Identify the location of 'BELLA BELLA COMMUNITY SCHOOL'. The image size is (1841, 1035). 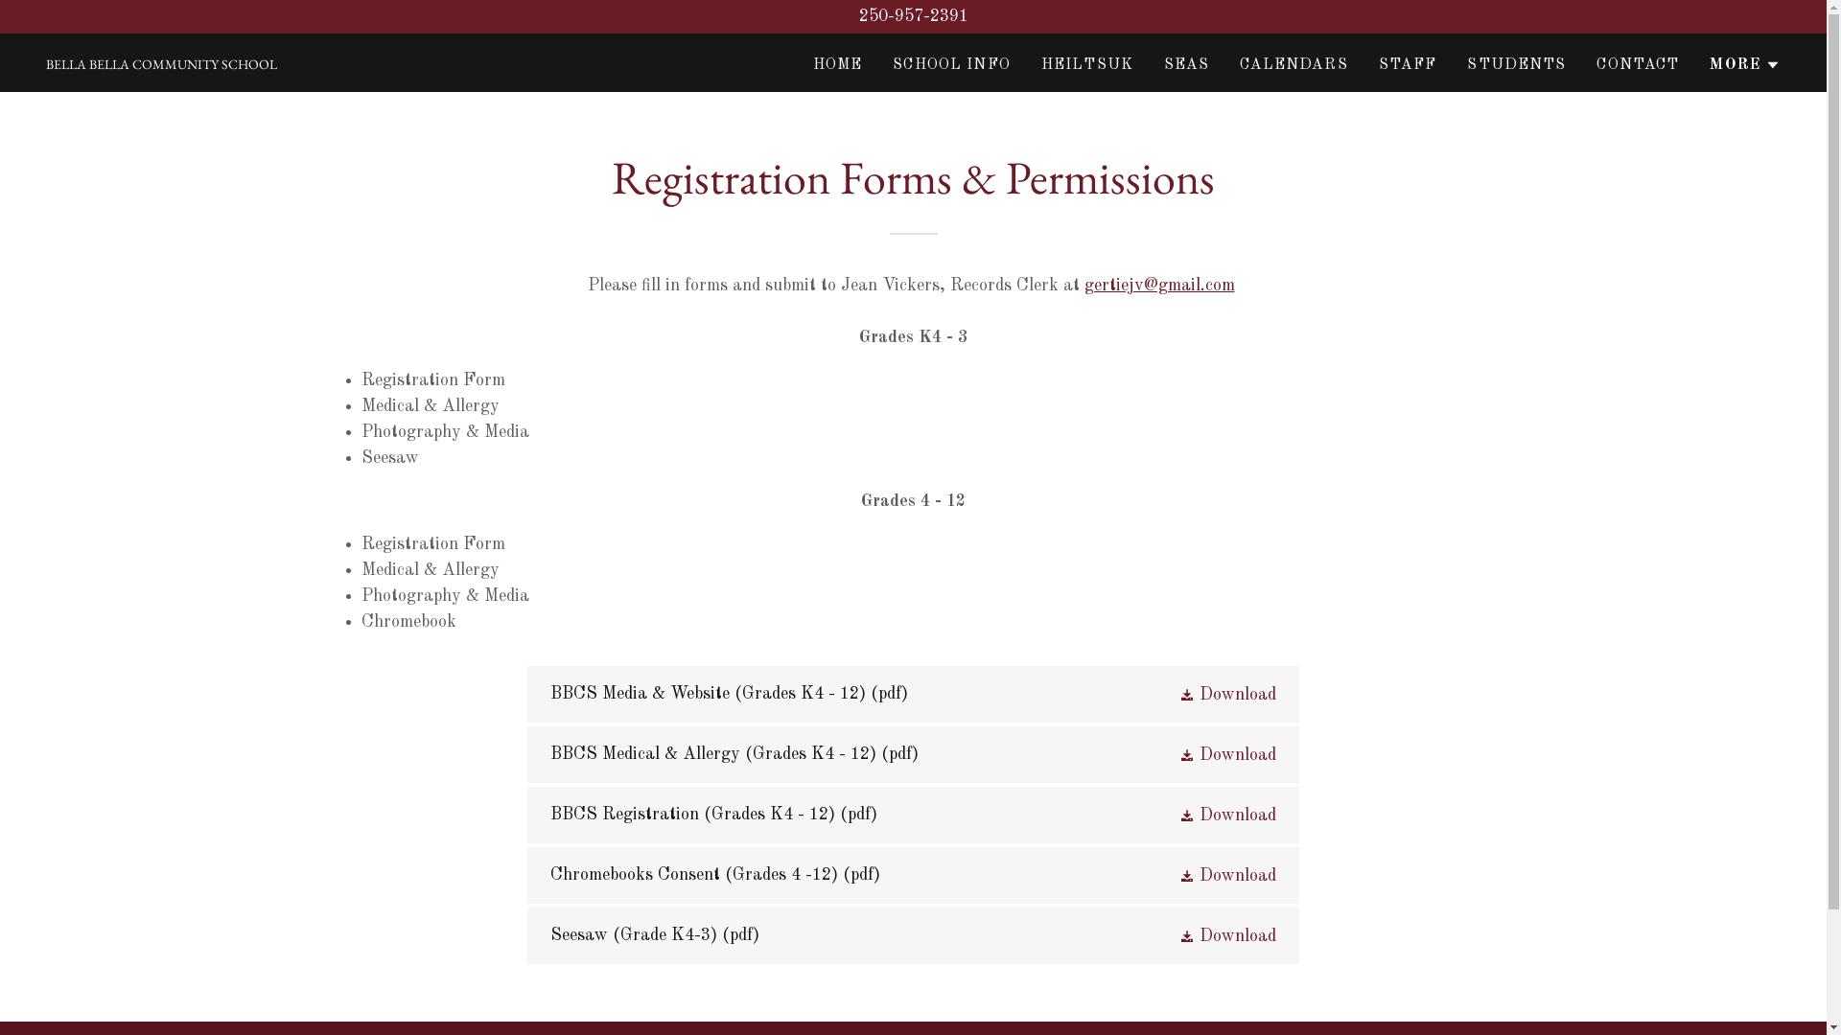
(161, 62).